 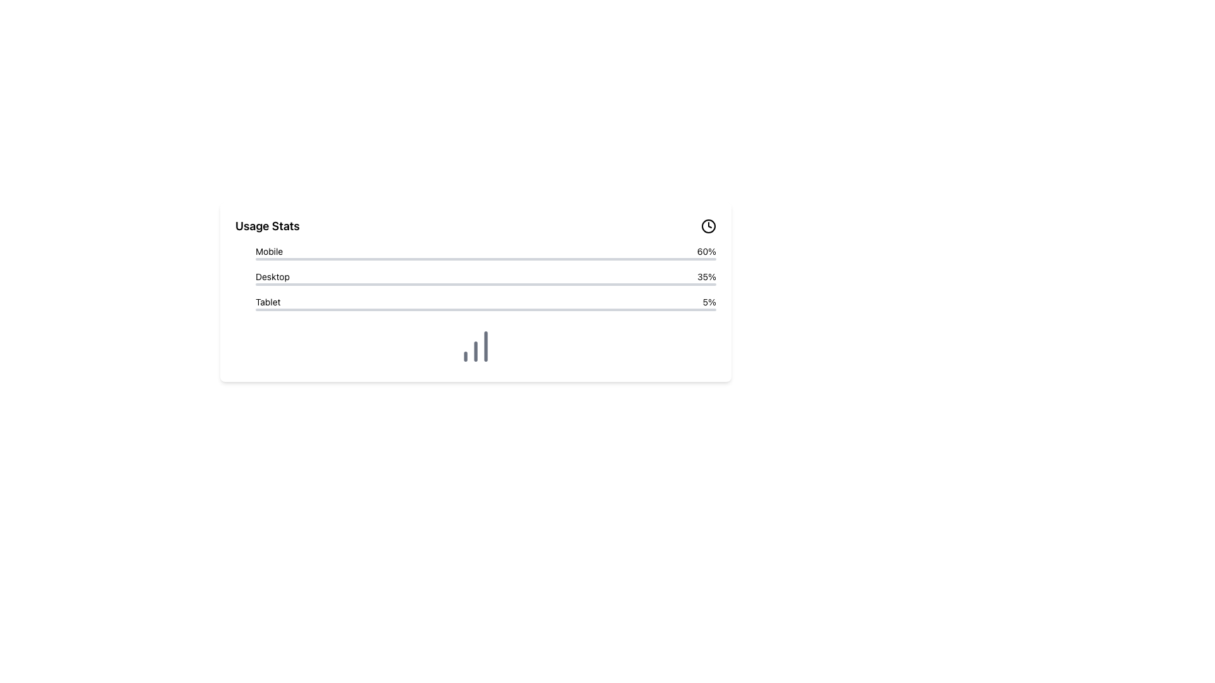 I want to click on the 'Usage Stats' text label, which is a bold, large font label located in the upper-left side of the panel, so click(x=266, y=226).